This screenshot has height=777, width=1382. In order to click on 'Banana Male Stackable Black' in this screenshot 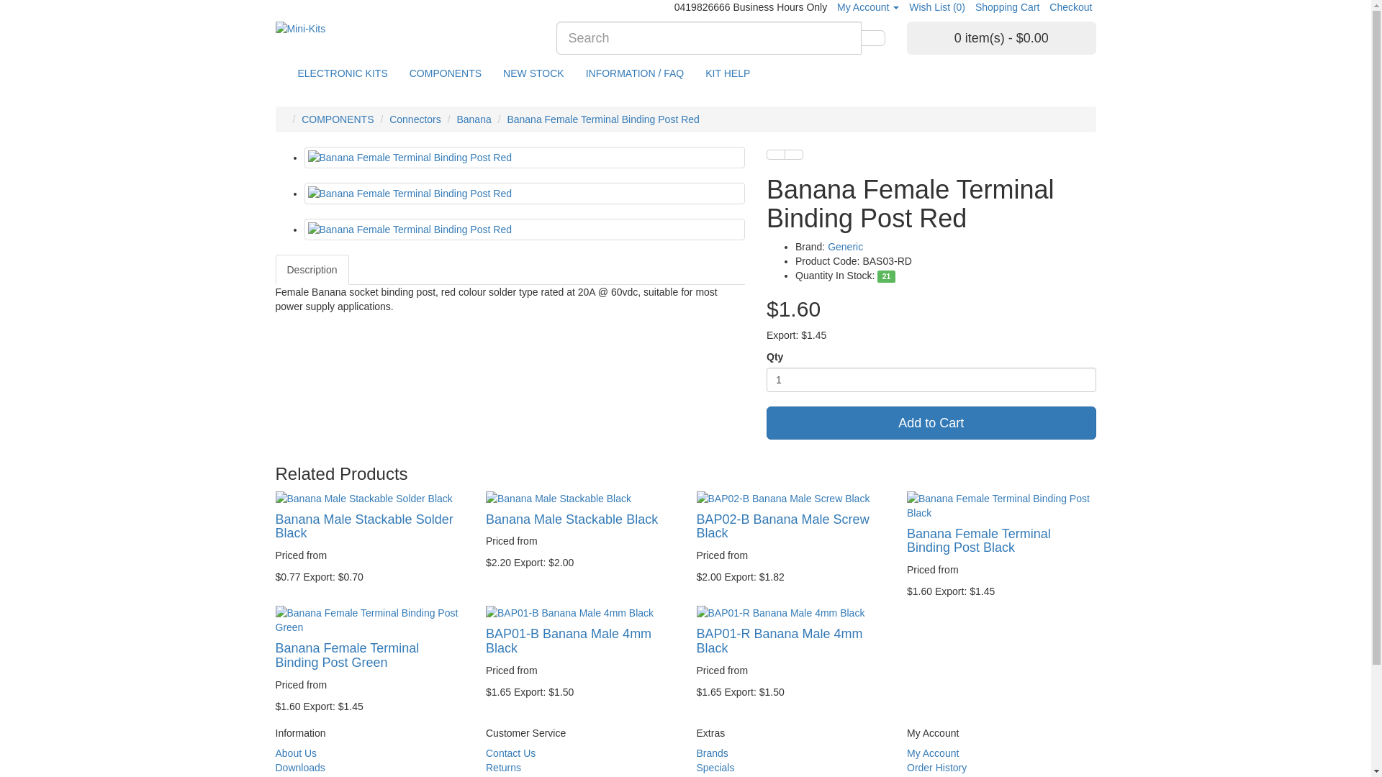, I will do `click(580, 498)`.